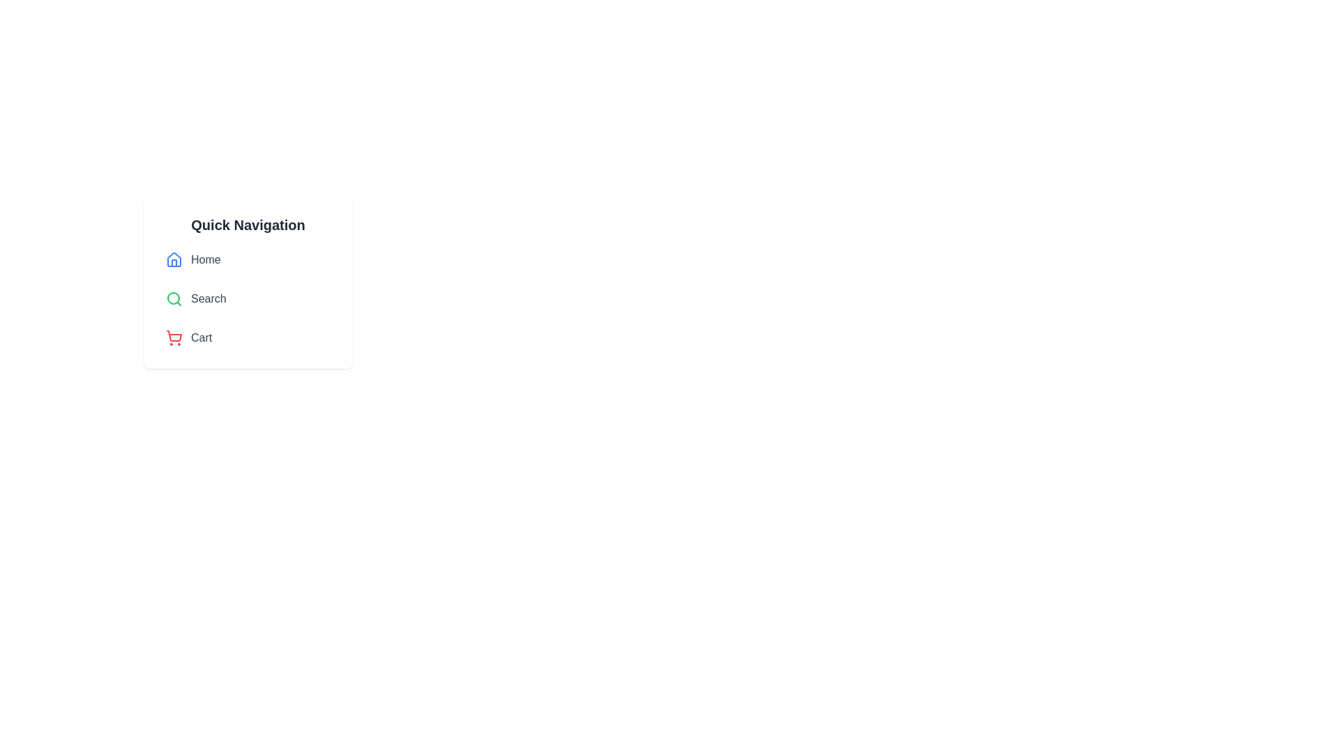 This screenshot has width=1339, height=753. Describe the element at coordinates (248, 298) in the screenshot. I see `the 'Search' navigation item, which is the second item in the vertical navigation menu` at that location.